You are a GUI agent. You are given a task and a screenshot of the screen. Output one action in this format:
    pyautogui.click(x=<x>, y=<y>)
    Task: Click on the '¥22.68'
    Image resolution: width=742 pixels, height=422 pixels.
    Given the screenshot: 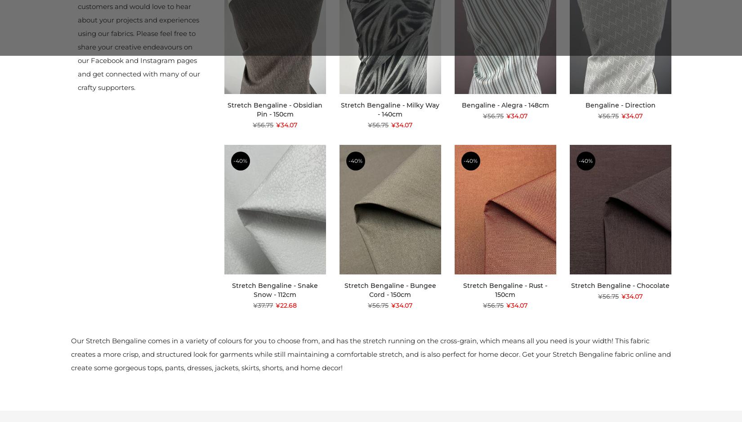 What is the action you would take?
    pyautogui.click(x=275, y=305)
    